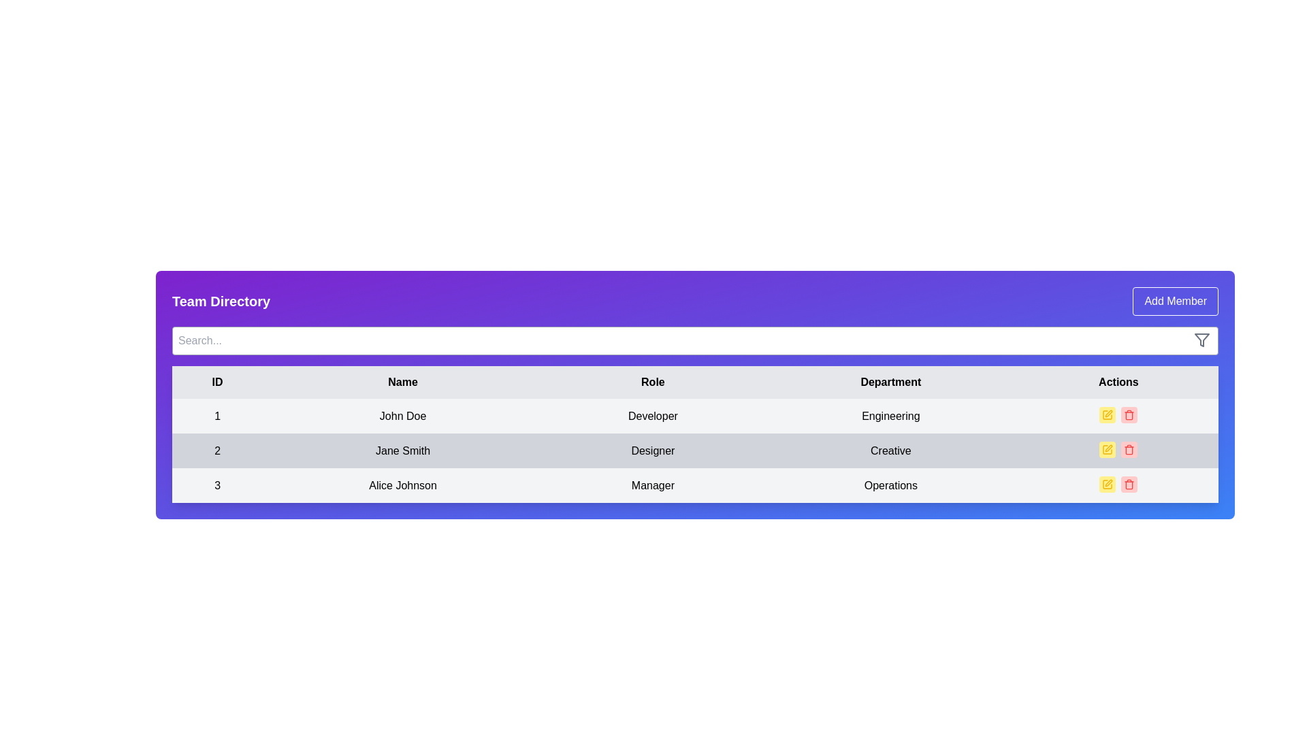 The image size is (1307, 735). What do you see at coordinates (1129, 414) in the screenshot?
I see `the delete button in the 'Actions' column of the first row in the table` at bounding box center [1129, 414].